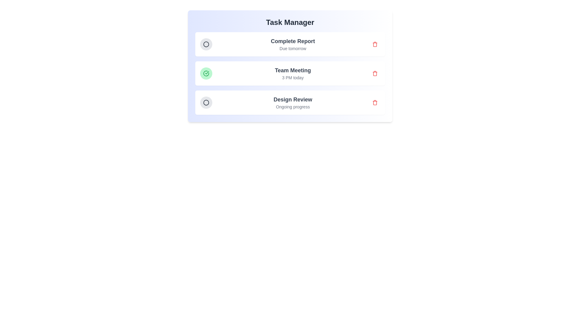 The width and height of the screenshot is (584, 328). Describe the element at coordinates (293, 48) in the screenshot. I see `the informational Text Label indicating the deadline for the task 'Complete Report', which is located below the title and aligned to the left margin of the first task item in the list` at that location.